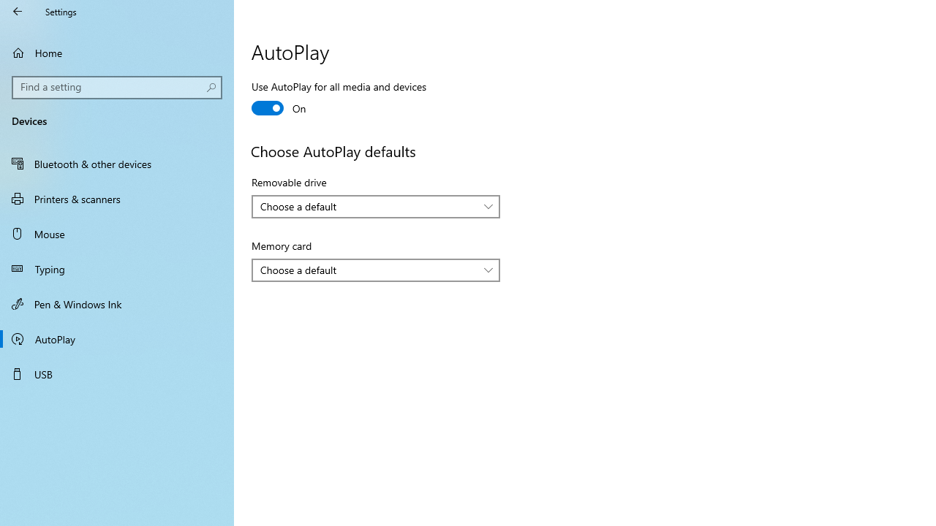 The width and height of the screenshot is (936, 526). Describe the element at coordinates (339, 99) in the screenshot. I see `'Use AutoPlay for all media and devices'` at that location.